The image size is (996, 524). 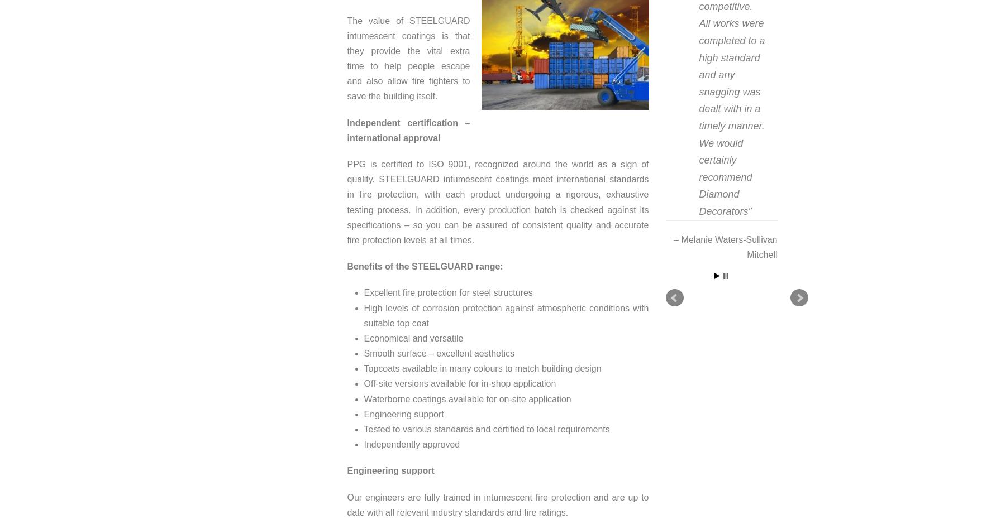 What do you see at coordinates (412, 338) in the screenshot?
I see `'Economical and versatile'` at bounding box center [412, 338].